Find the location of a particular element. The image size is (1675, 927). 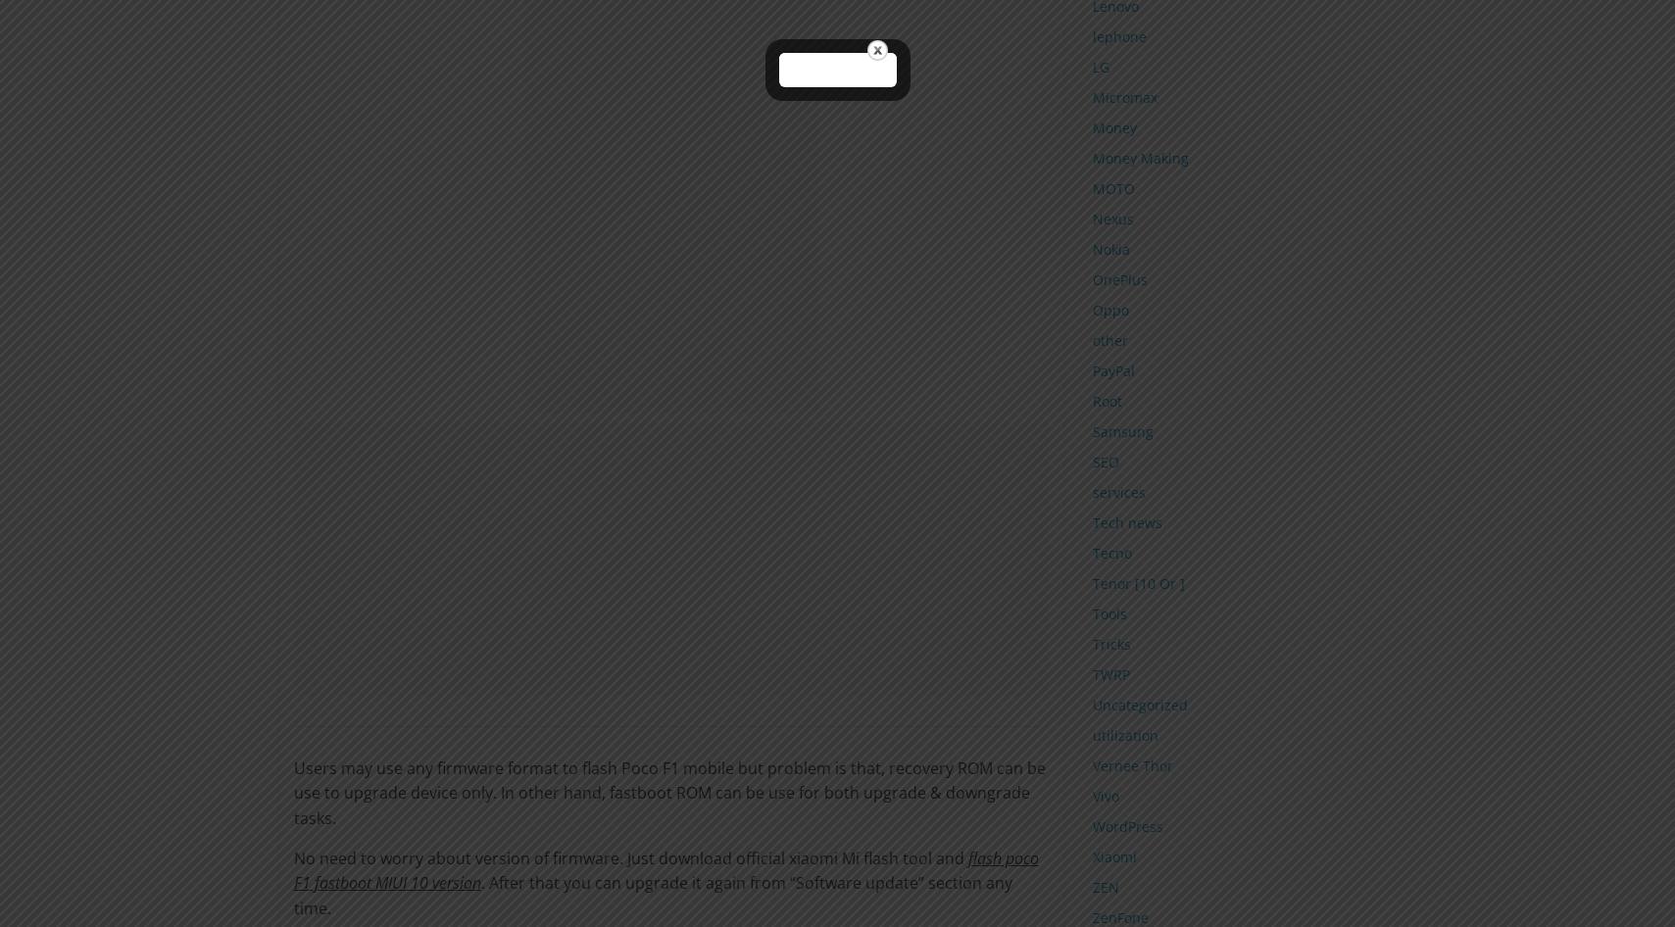

'services' is located at coordinates (1117, 491).